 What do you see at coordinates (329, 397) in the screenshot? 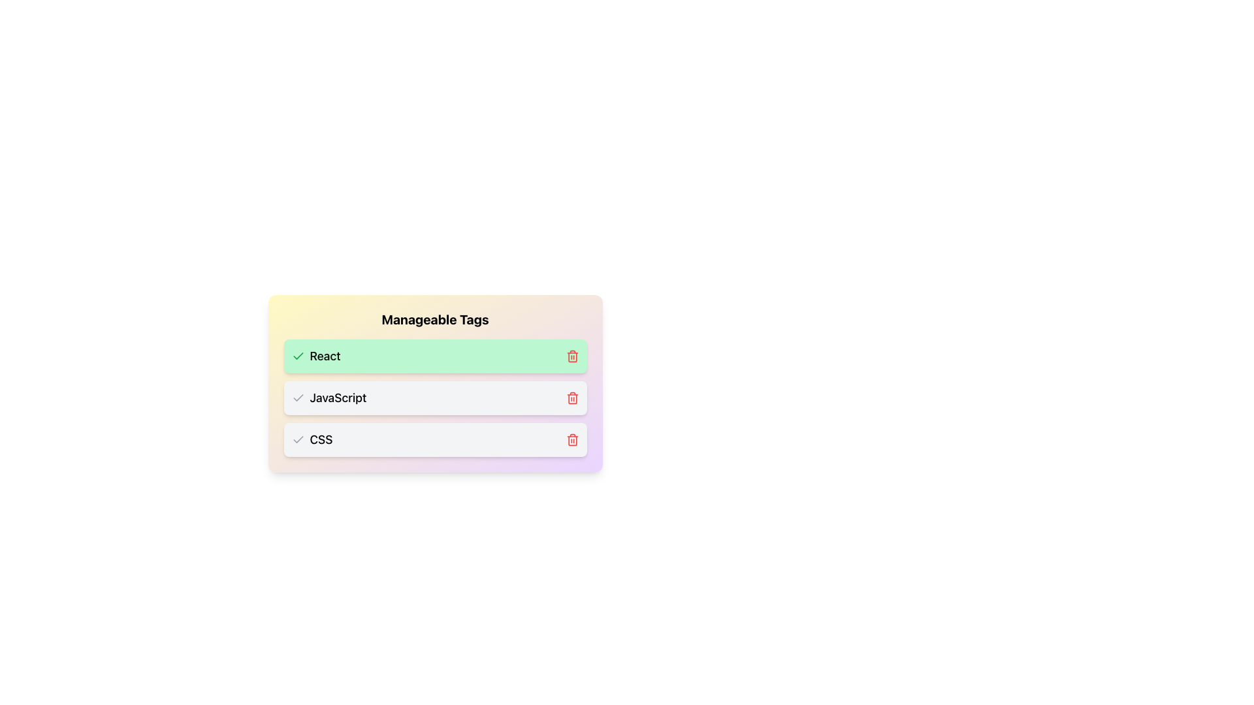
I see `the 'JavaScript' interactive label with a checkbox` at bounding box center [329, 397].